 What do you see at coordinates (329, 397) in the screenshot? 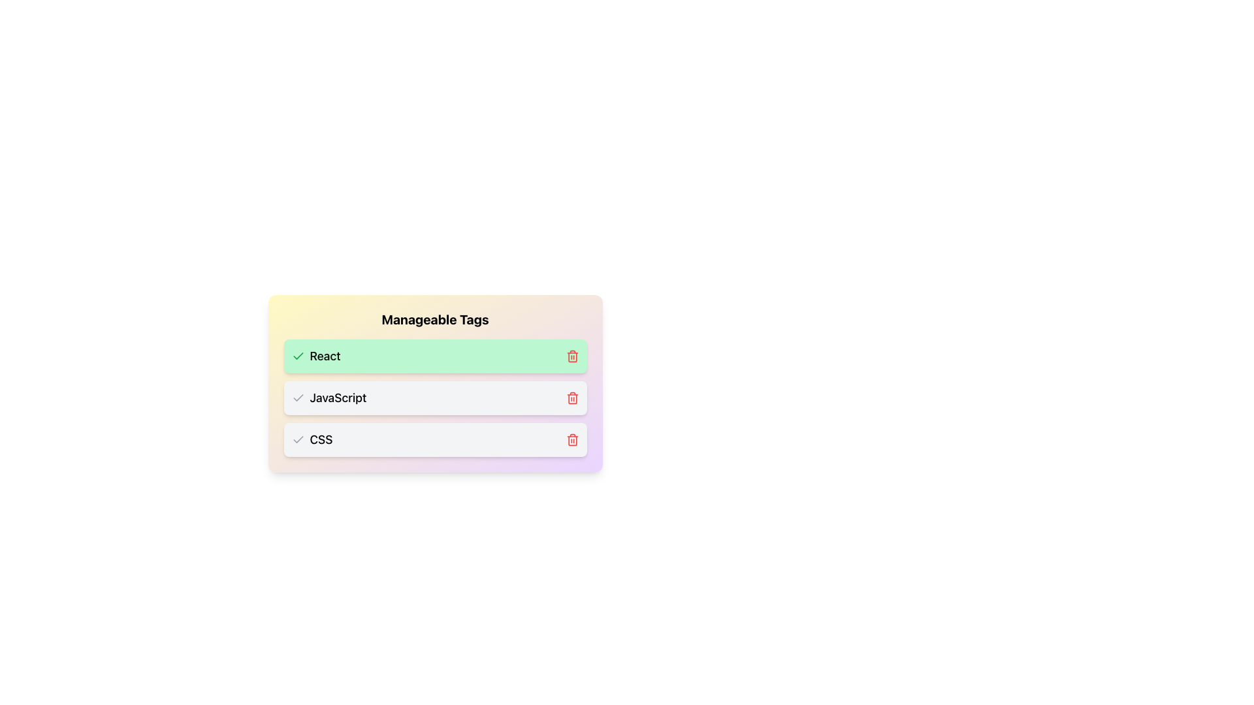
I see `the 'JavaScript' interactive label with a checkbox` at bounding box center [329, 397].